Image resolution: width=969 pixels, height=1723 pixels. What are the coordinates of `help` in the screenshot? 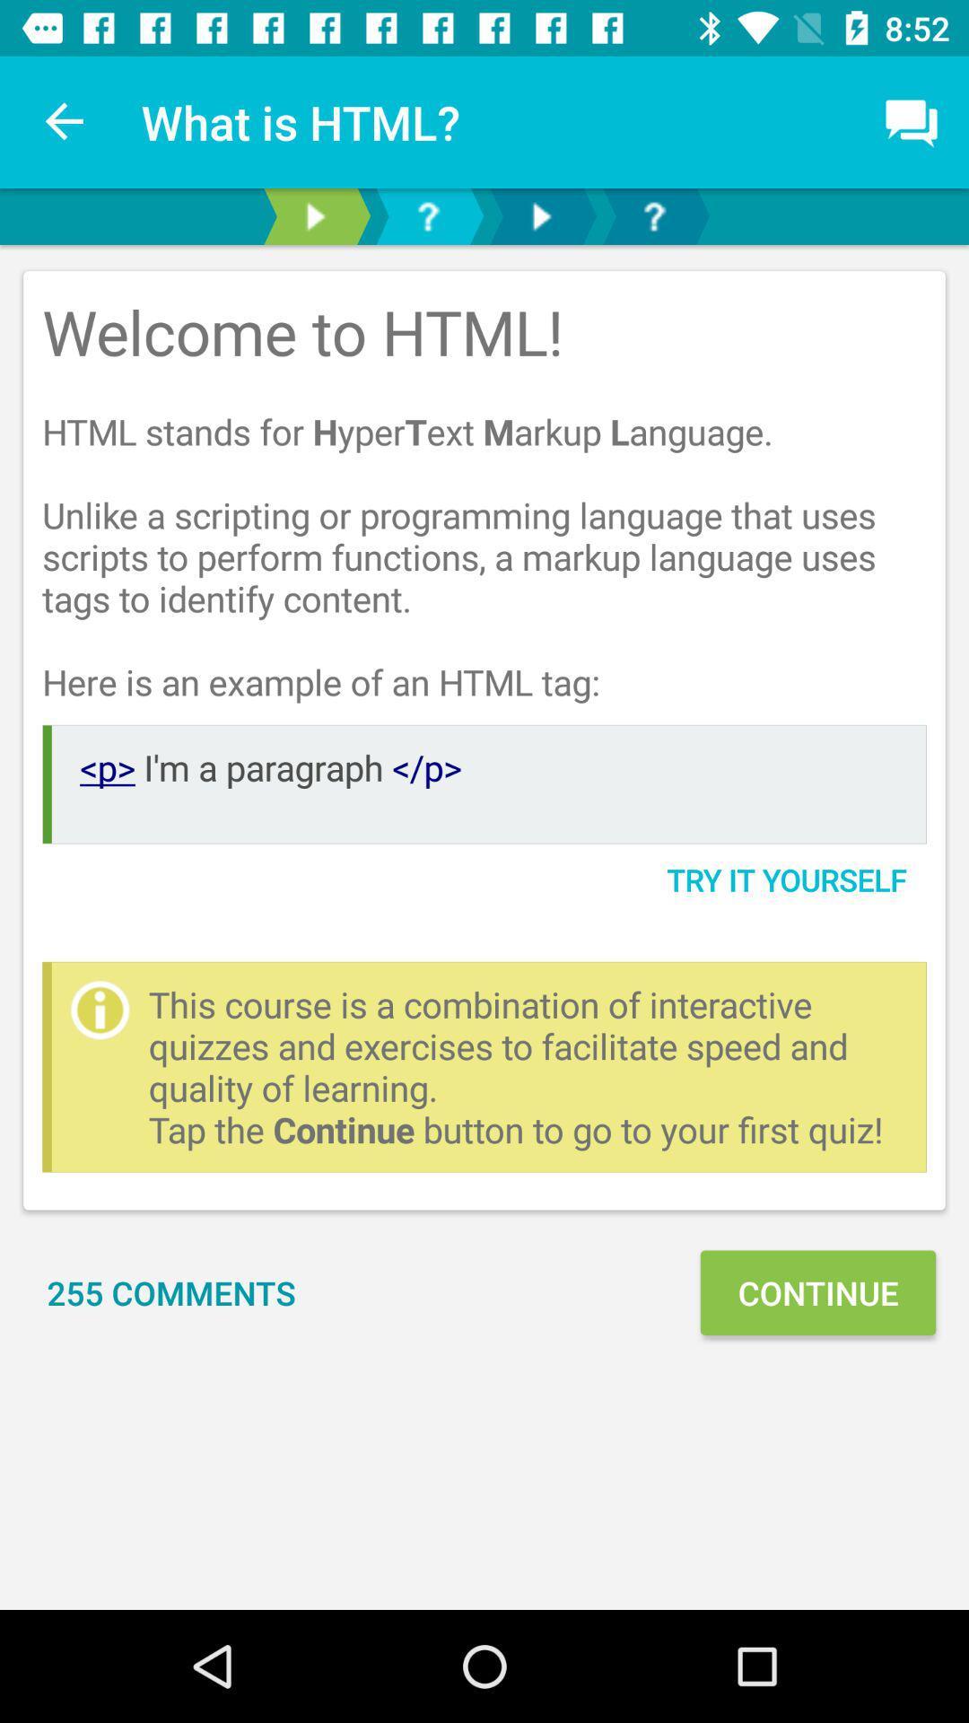 It's located at (654, 215).